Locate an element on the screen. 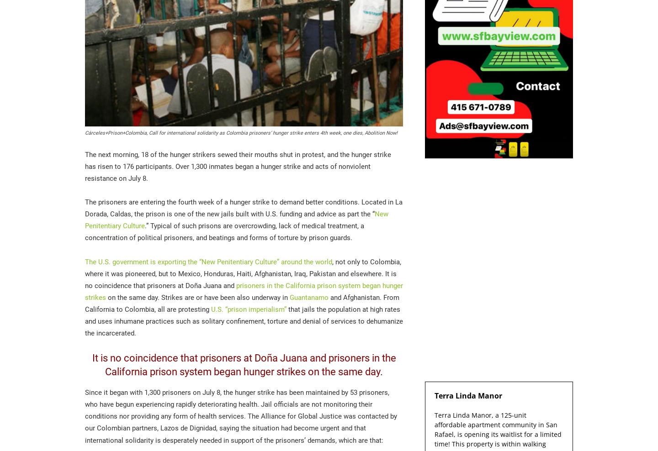 Image resolution: width=658 pixels, height=451 pixels. ', not only to Colombia, where it was pioneered, but to Mexico, Honduras, Haiti, Afghanistan, Iraq, Pakistan and elsewhere. It is no coincidence that prisoners at Doña Juana and' is located at coordinates (85, 273).